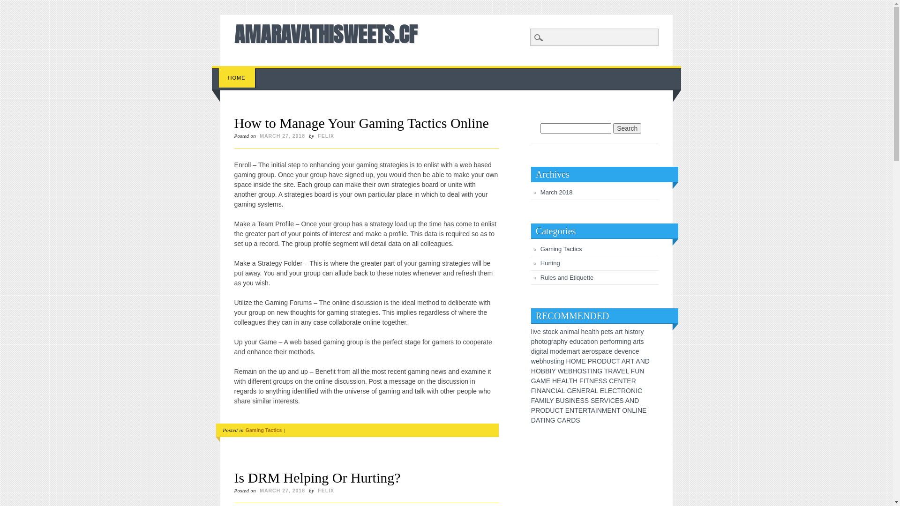 This screenshot has width=900, height=506. What do you see at coordinates (552, 342) in the screenshot?
I see `'r'` at bounding box center [552, 342].